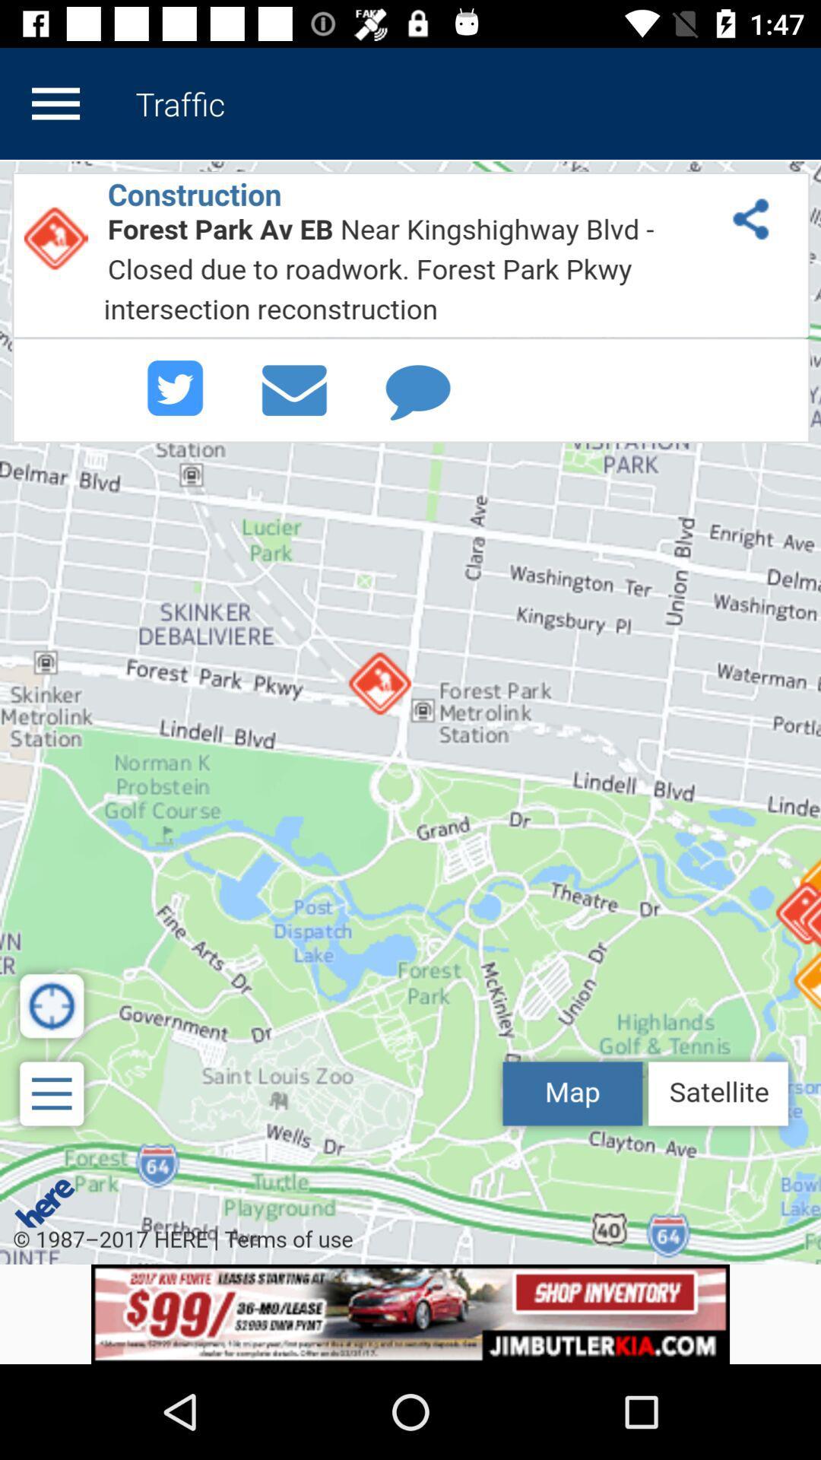 Image resolution: width=821 pixels, height=1460 pixels. I want to click on advertisement website, so click(410, 1313).